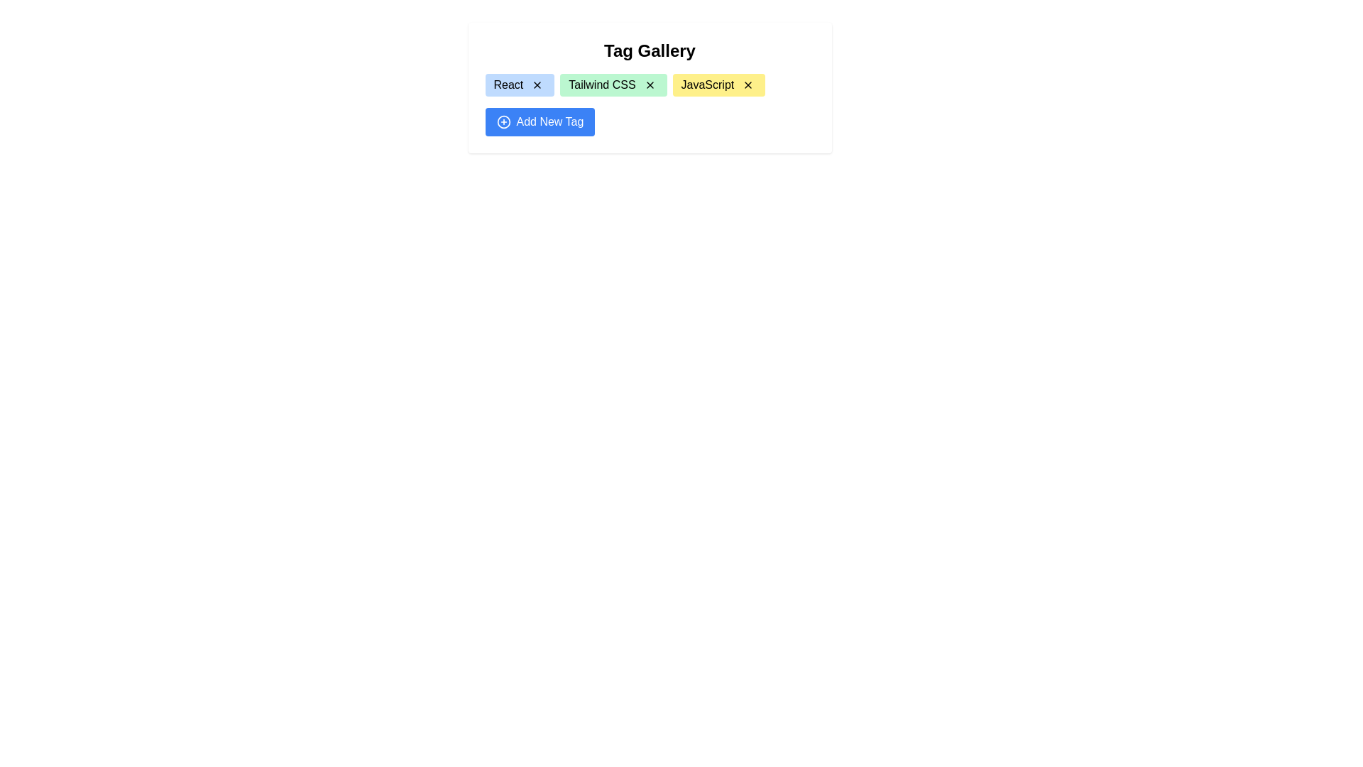 Image resolution: width=1363 pixels, height=767 pixels. Describe the element at coordinates (503, 121) in the screenshot. I see `the leftmost visual component of the 'Add New Tag' button` at that location.